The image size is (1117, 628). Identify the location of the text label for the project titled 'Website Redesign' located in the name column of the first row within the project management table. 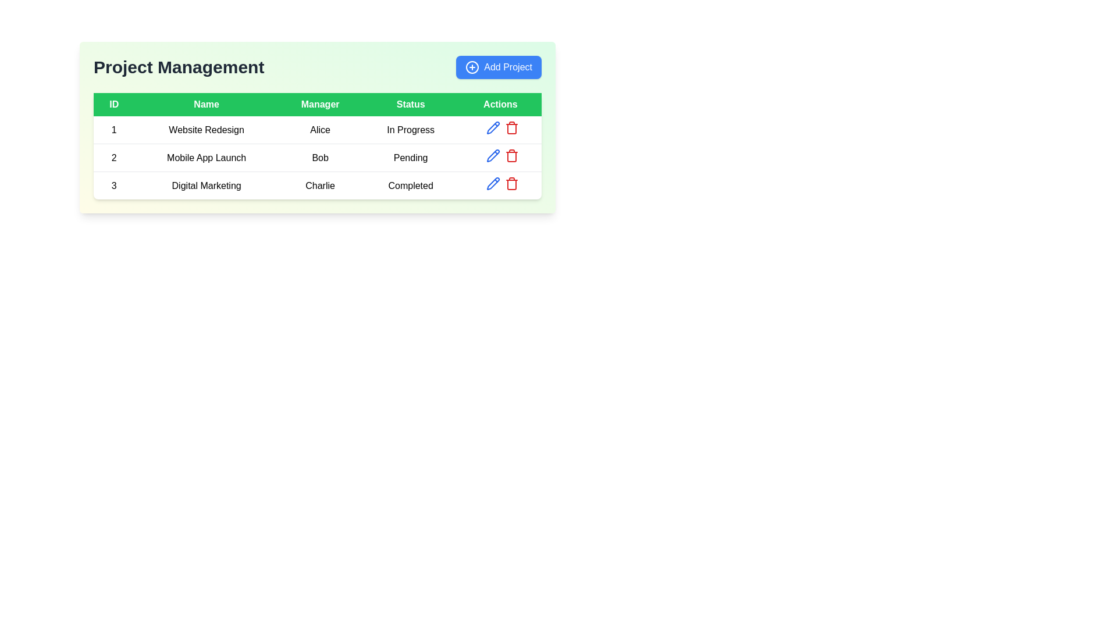
(207, 130).